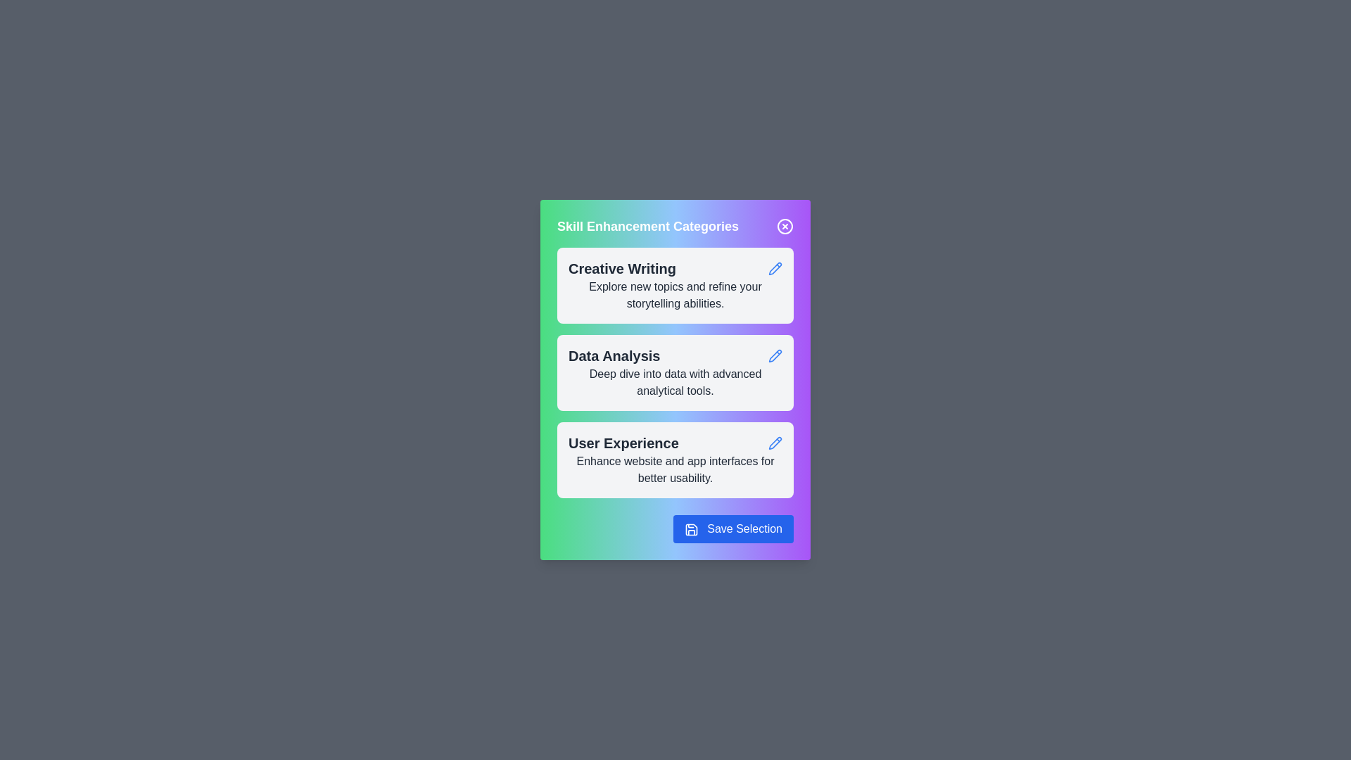 The width and height of the screenshot is (1351, 760). I want to click on the category by clicking on the pencil icon for User Experience, so click(775, 442).